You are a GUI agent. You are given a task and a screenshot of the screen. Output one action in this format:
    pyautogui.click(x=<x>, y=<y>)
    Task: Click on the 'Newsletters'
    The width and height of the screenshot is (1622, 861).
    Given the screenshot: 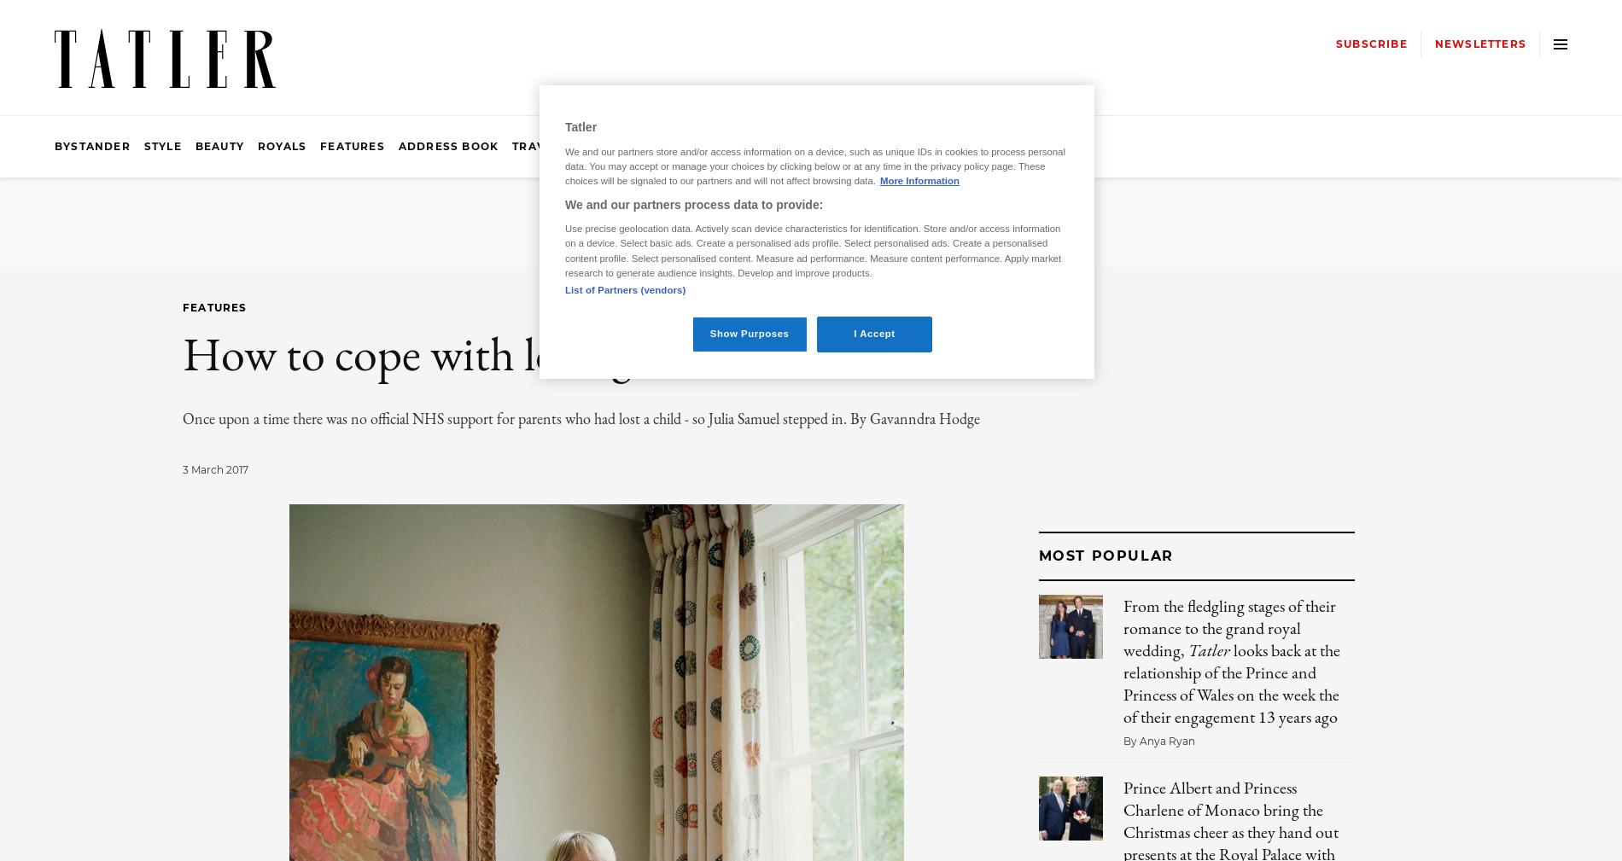 What is the action you would take?
    pyautogui.click(x=1432, y=42)
    